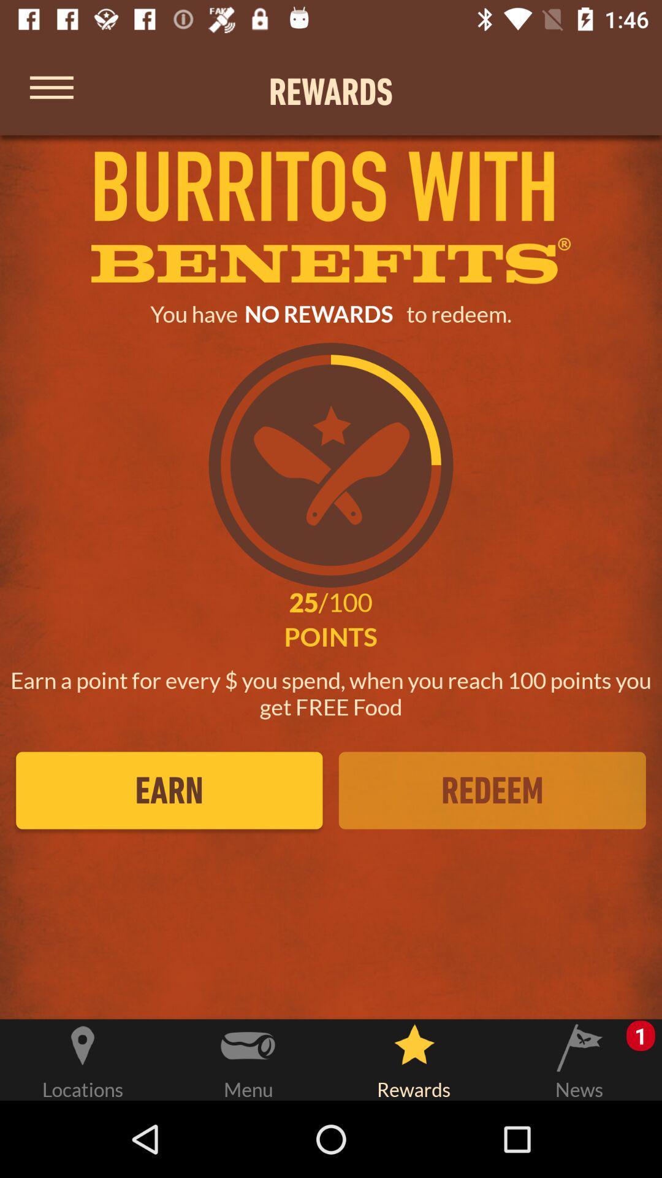 The width and height of the screenshot is (662, 1178). Describe the element at coordinates (414, 1057) in the screenshot. I see `rewards` at that location.